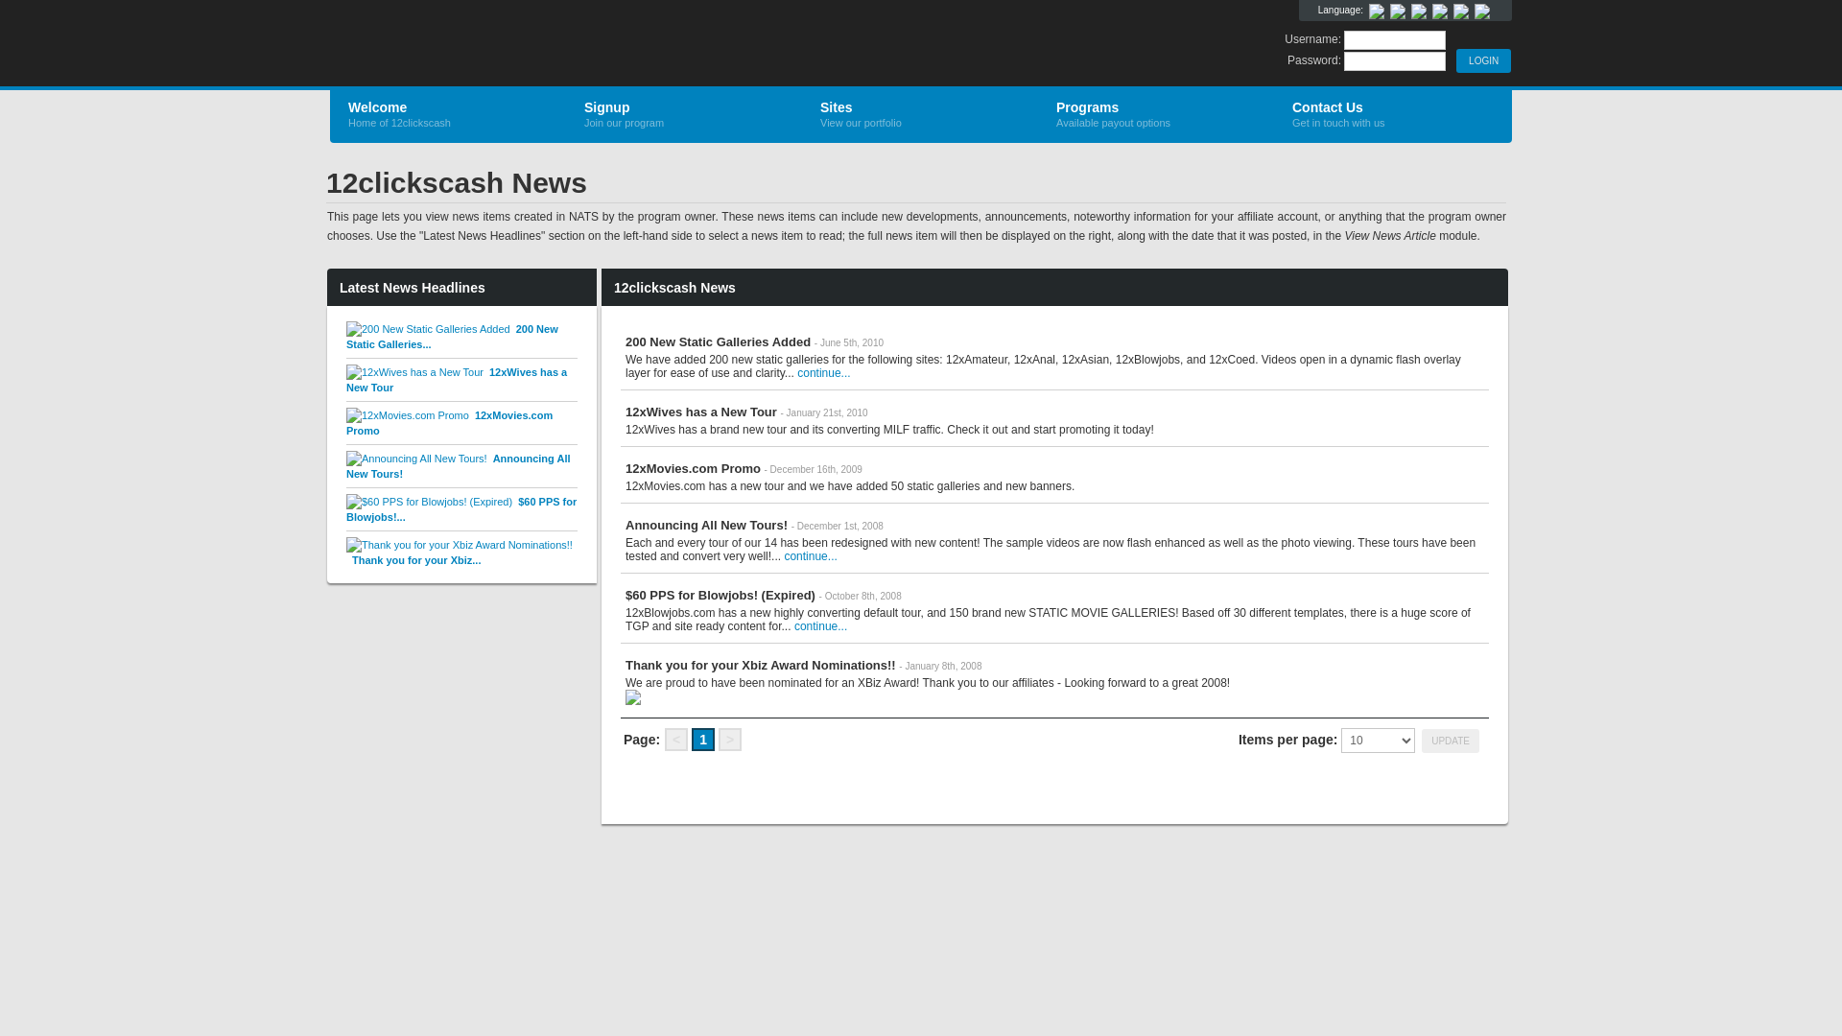 The height and width of the screenshot is (1036, 1842). What do you see at coordinates (1392, 114) in the screenshot?
I see `'Contact Us` at bounding box center [1392, 114].